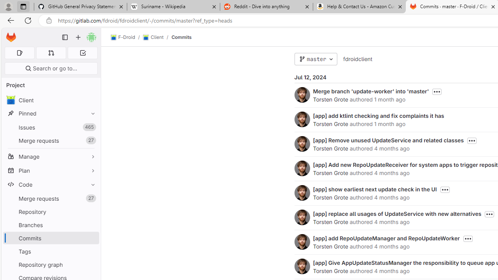  What do you see at coordinates (51, 251) in the screenshot?
I see `'Tags'` at bounding box center [51, 251].